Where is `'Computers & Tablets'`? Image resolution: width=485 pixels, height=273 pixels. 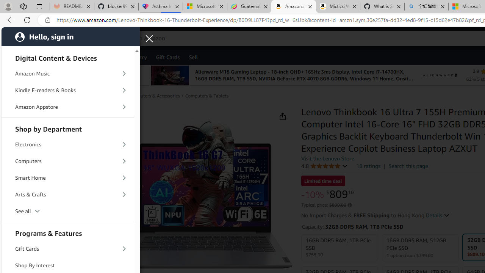
'Computers & Tablets' is located at coordinates (207, 96).